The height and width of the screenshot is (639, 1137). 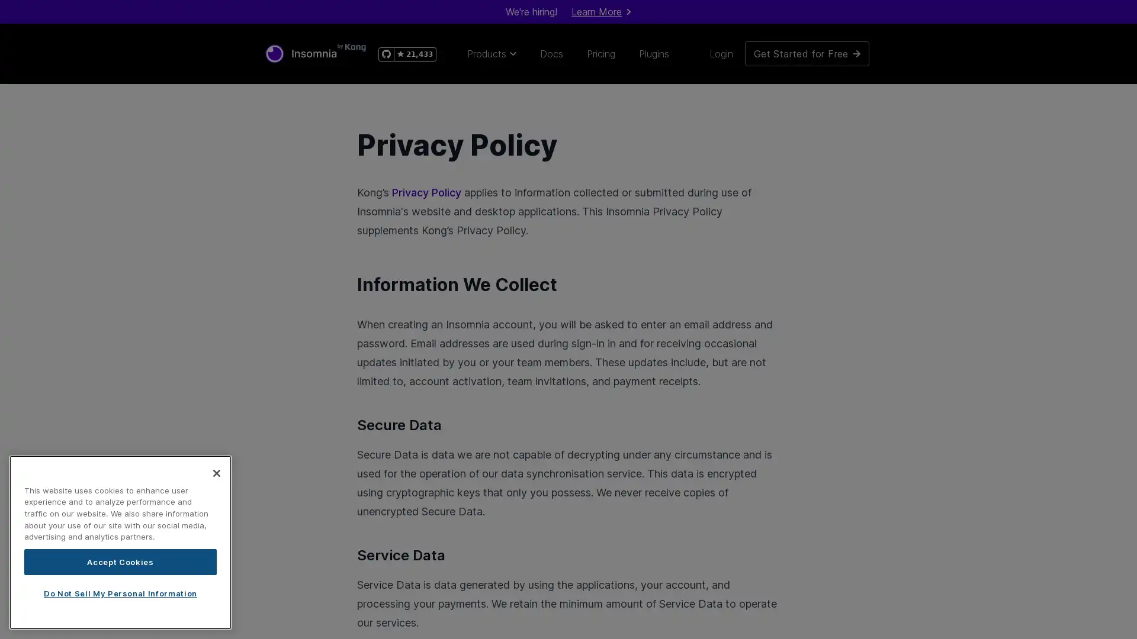 I want to click on Accept Cookies, so click(x=120, y=561).